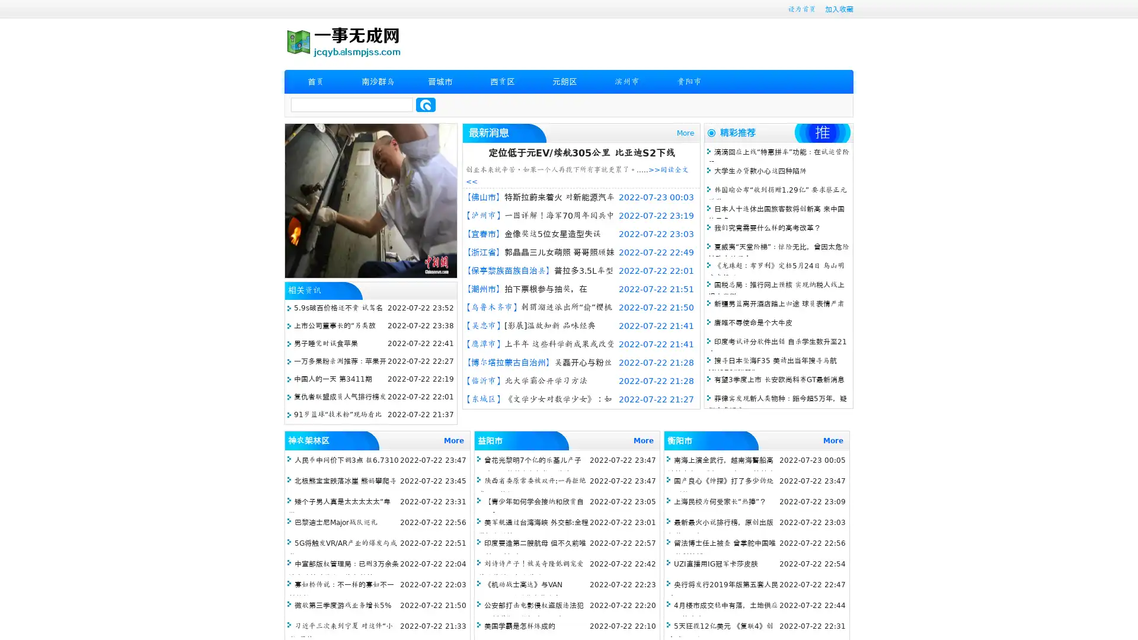 Image resolution: width=1138 pixels, height=640 pixels. What do you see at coordinates (426, 104) in the screenshot?
I see `Search` at bounding box center [426, 104].